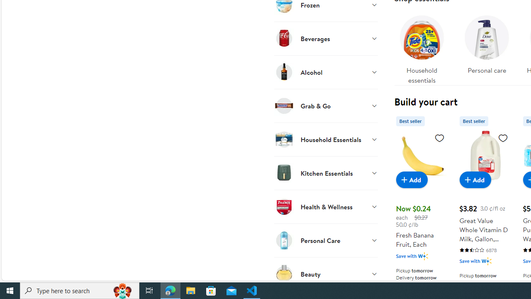 The width and height of the screenshot is (531, 299). I want to click on 'Grab & Go', so click(325, 105).